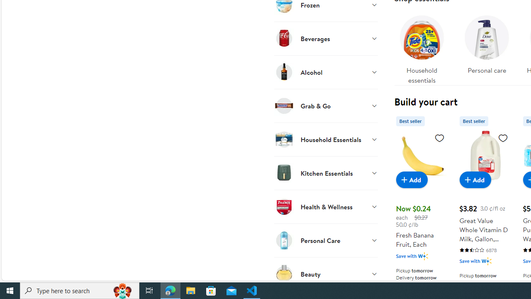 The width and height of the screenshot is (531, 299). I want to click on 'Grab & Go', so click(325, 105).